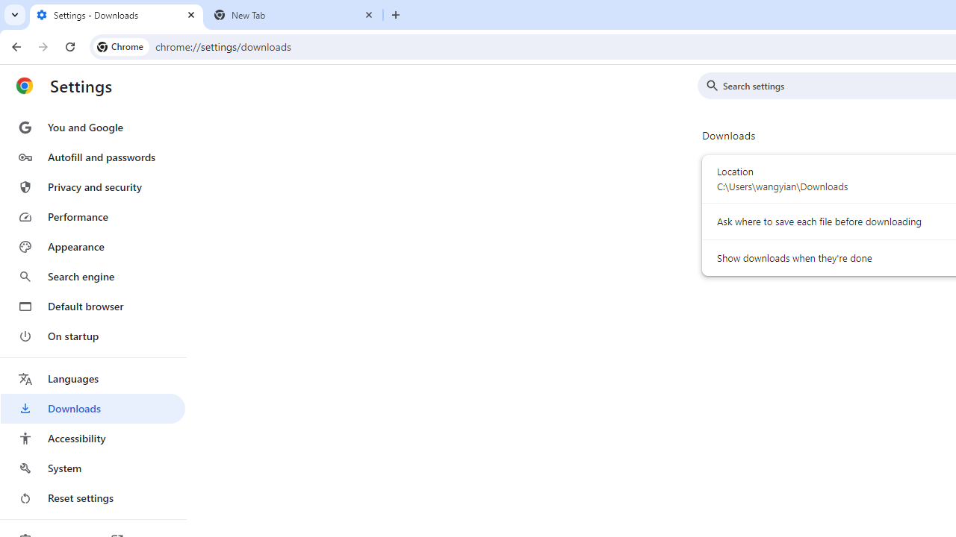 The width and height of the screenshot is (956, 537). What do you see at coordinates (92, 498) in the screenshot?
I see `'Reset settings'` at bounding box center [92, 498].